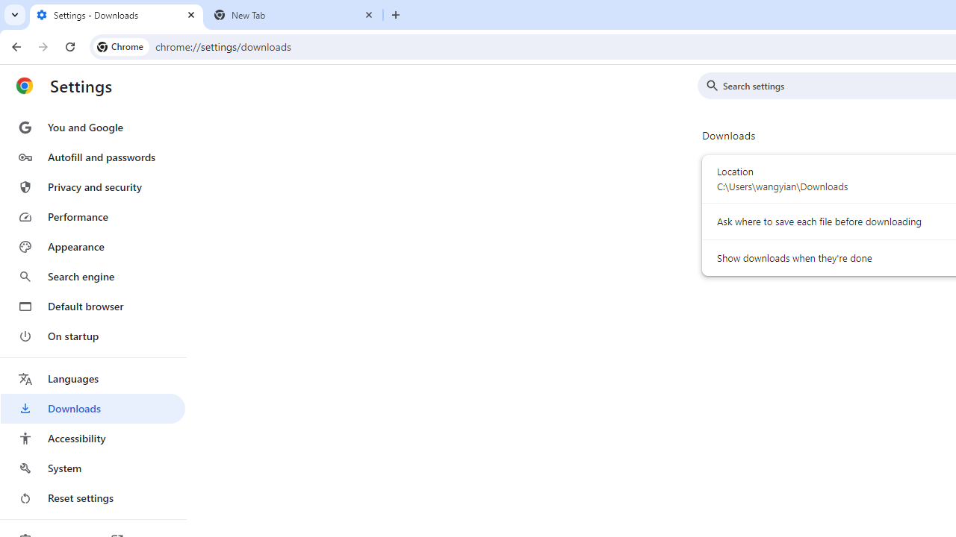 The width and height of the screenshot is (956, 537). What do you see at coordinates (92, 498) in the screenshot?
I see `'Reset settings'` at bounding box center [92, 498].